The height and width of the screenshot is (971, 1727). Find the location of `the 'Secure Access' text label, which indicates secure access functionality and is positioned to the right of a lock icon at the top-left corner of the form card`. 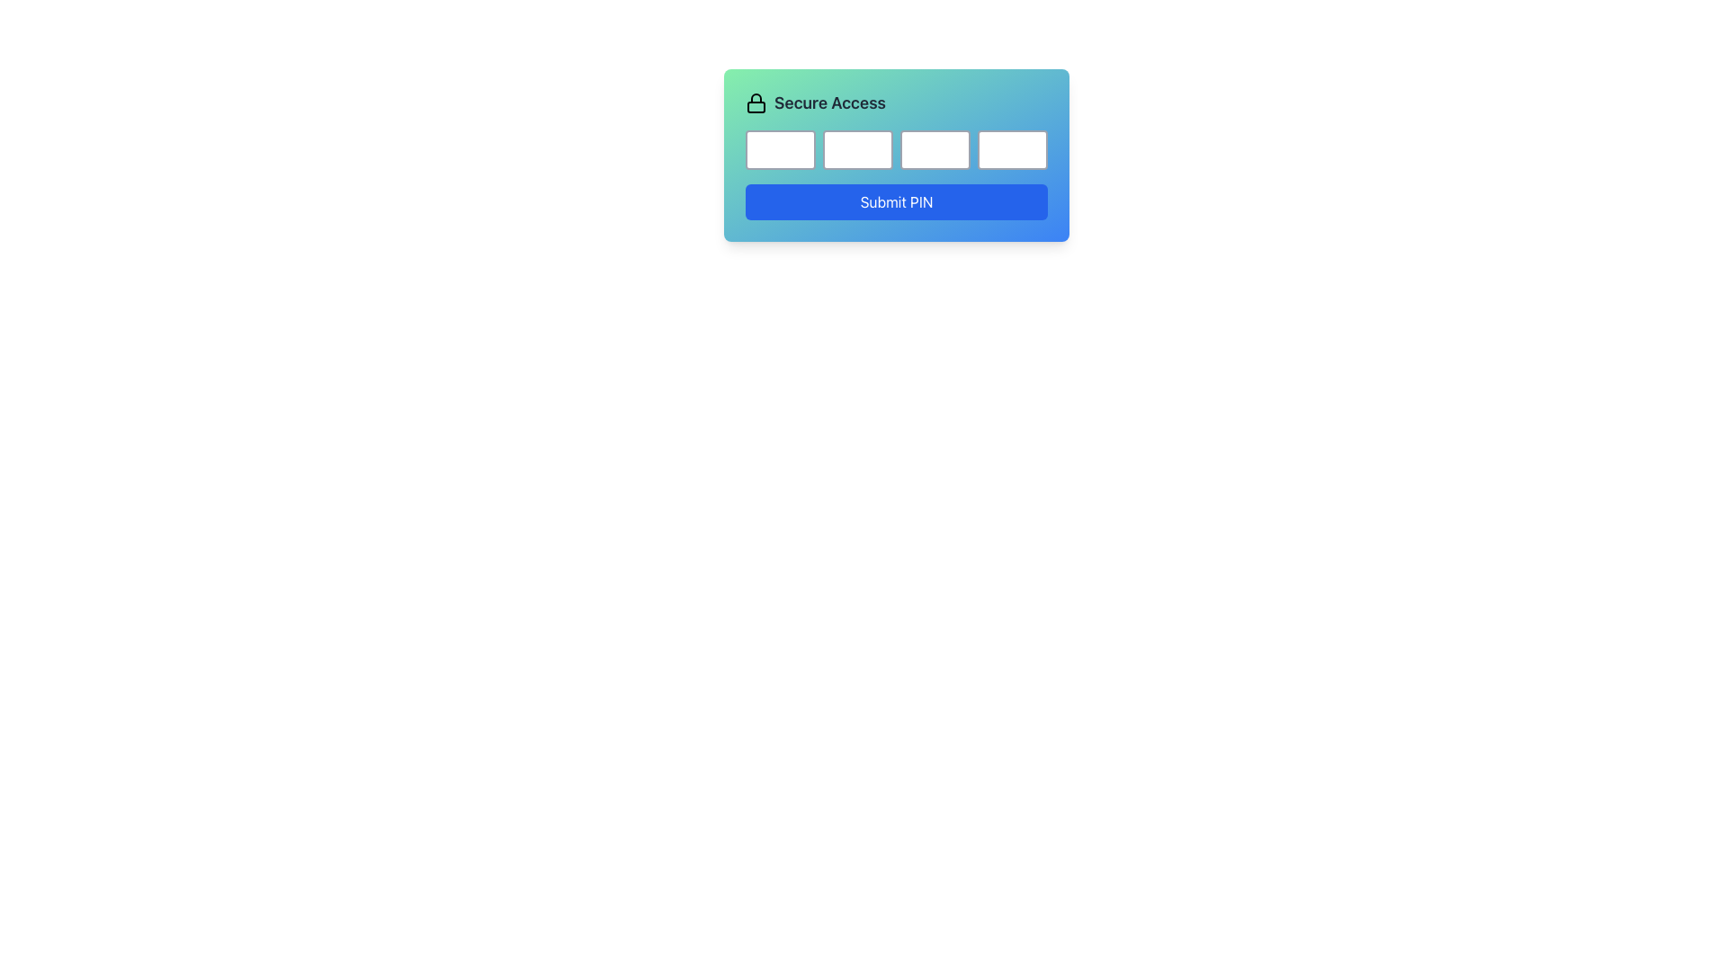

the 'Secure Access' text label, which indicates secure access functionality and is positioned to the right of a lock icon at the top-left corner of the form card is located at coordinates (828, 103).